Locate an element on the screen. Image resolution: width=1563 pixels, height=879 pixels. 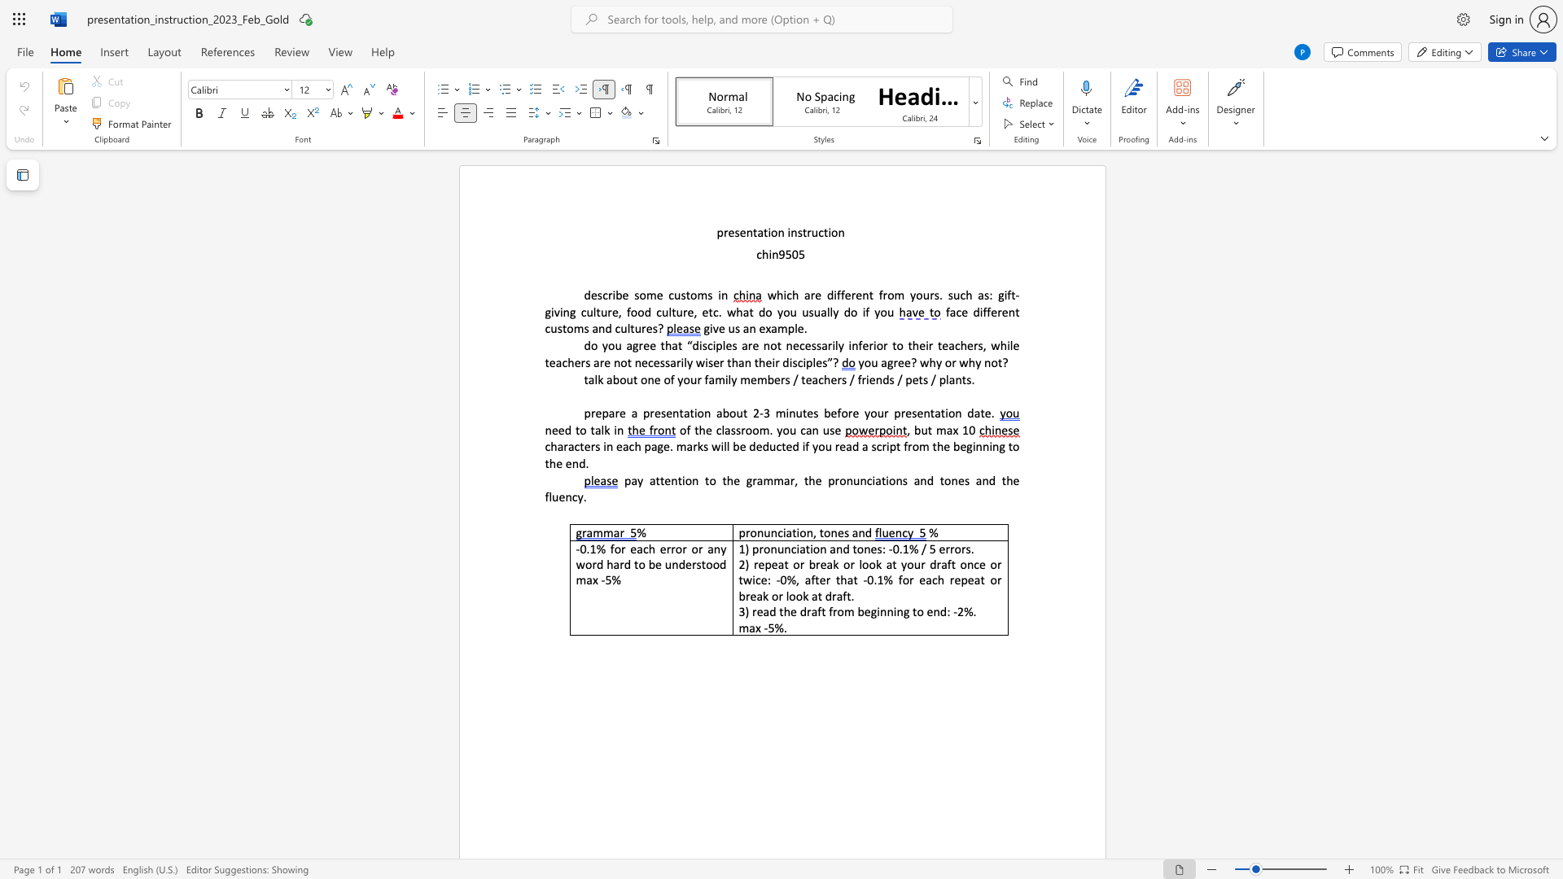
the subset text "on instruction" within the text "presentation instruction" is located at coordinates (770, 232).